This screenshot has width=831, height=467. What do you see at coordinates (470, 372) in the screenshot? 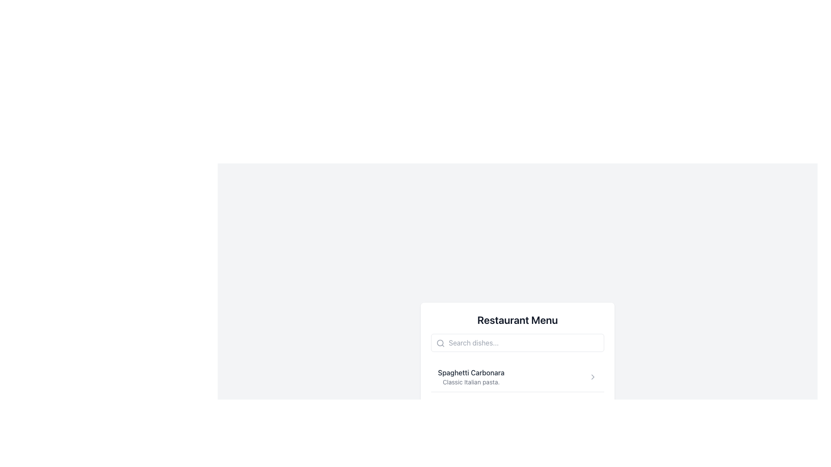
I see `the Text Label displaying 'Spaghetti Carbonara', which is styled in bold dark gray and positioned prominently above the smaller text in the 'Restaurant Menu' section` at bounding box center [470, 372].